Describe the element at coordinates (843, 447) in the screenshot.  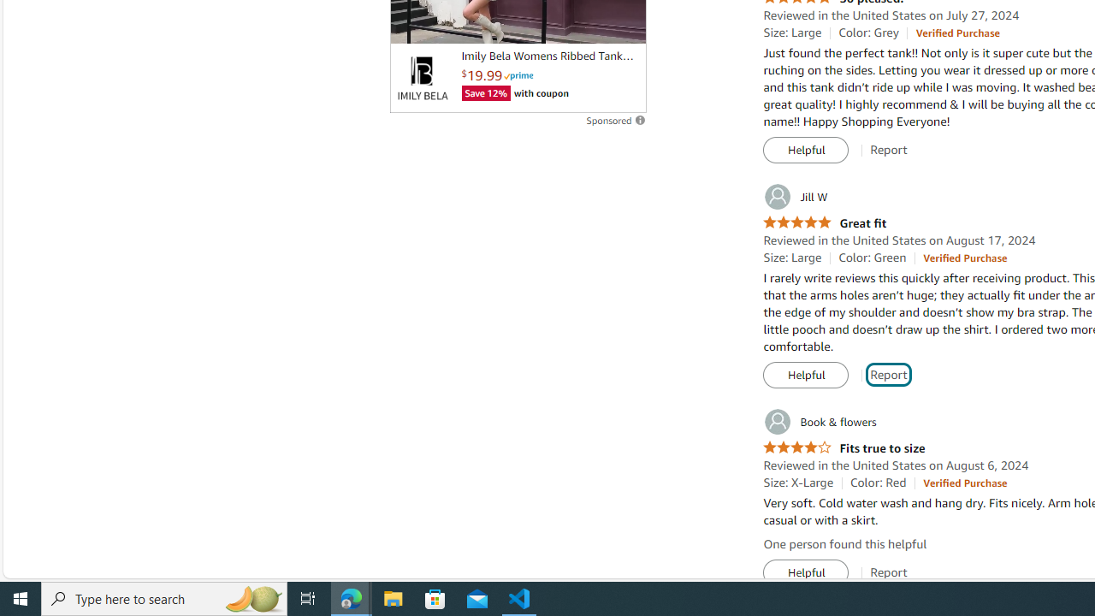
I see `'4.0 out of 5 stars Fits true to size'` at that location.